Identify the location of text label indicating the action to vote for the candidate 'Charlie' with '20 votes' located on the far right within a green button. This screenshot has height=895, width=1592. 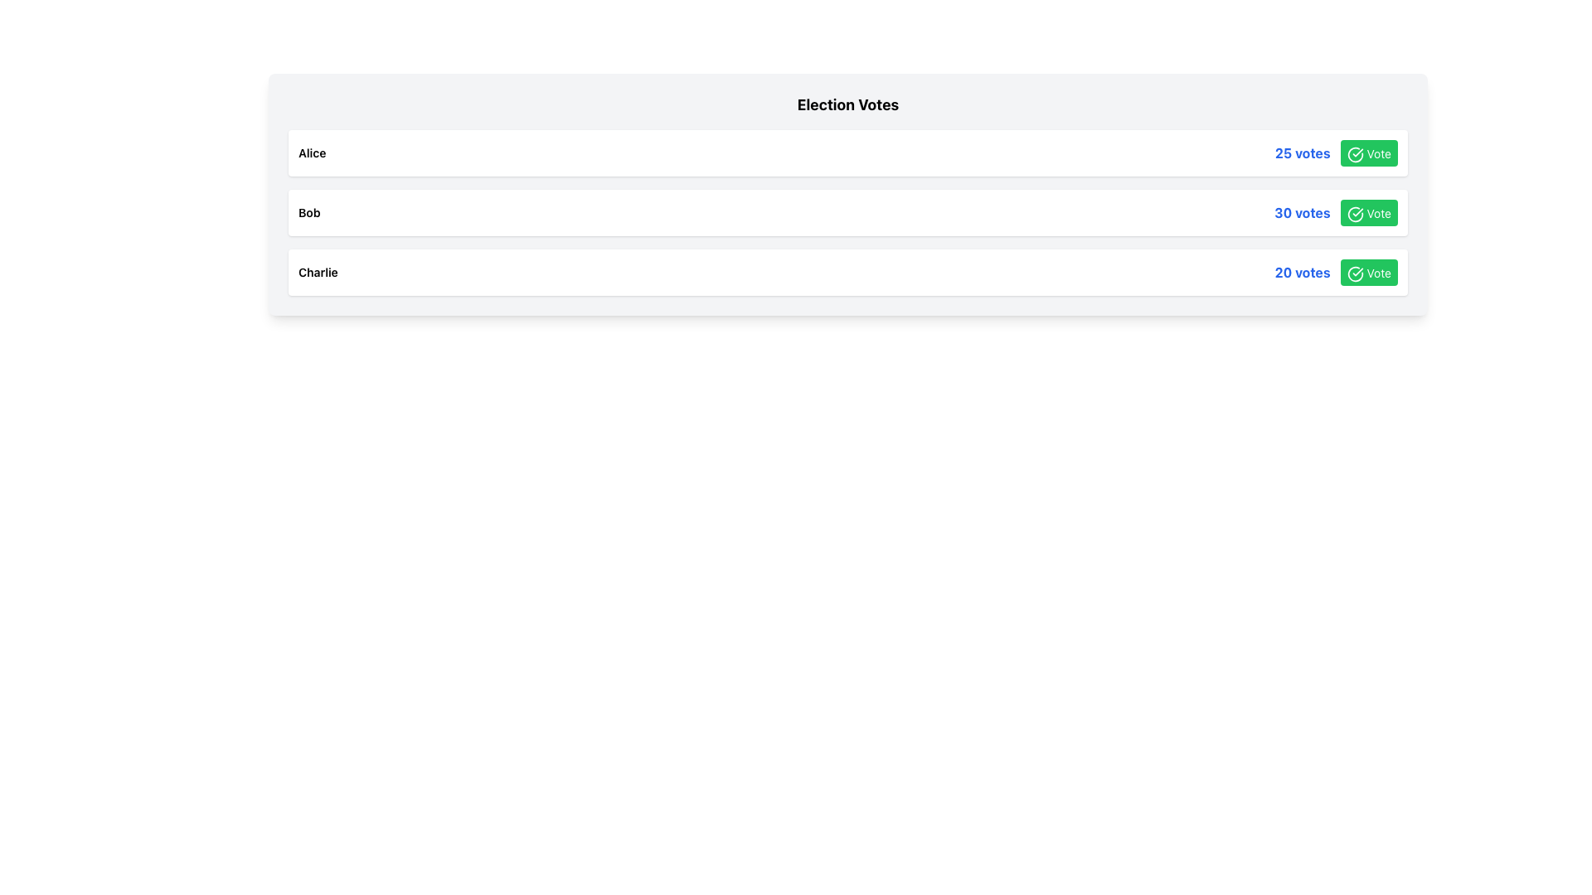
(1379, 272).